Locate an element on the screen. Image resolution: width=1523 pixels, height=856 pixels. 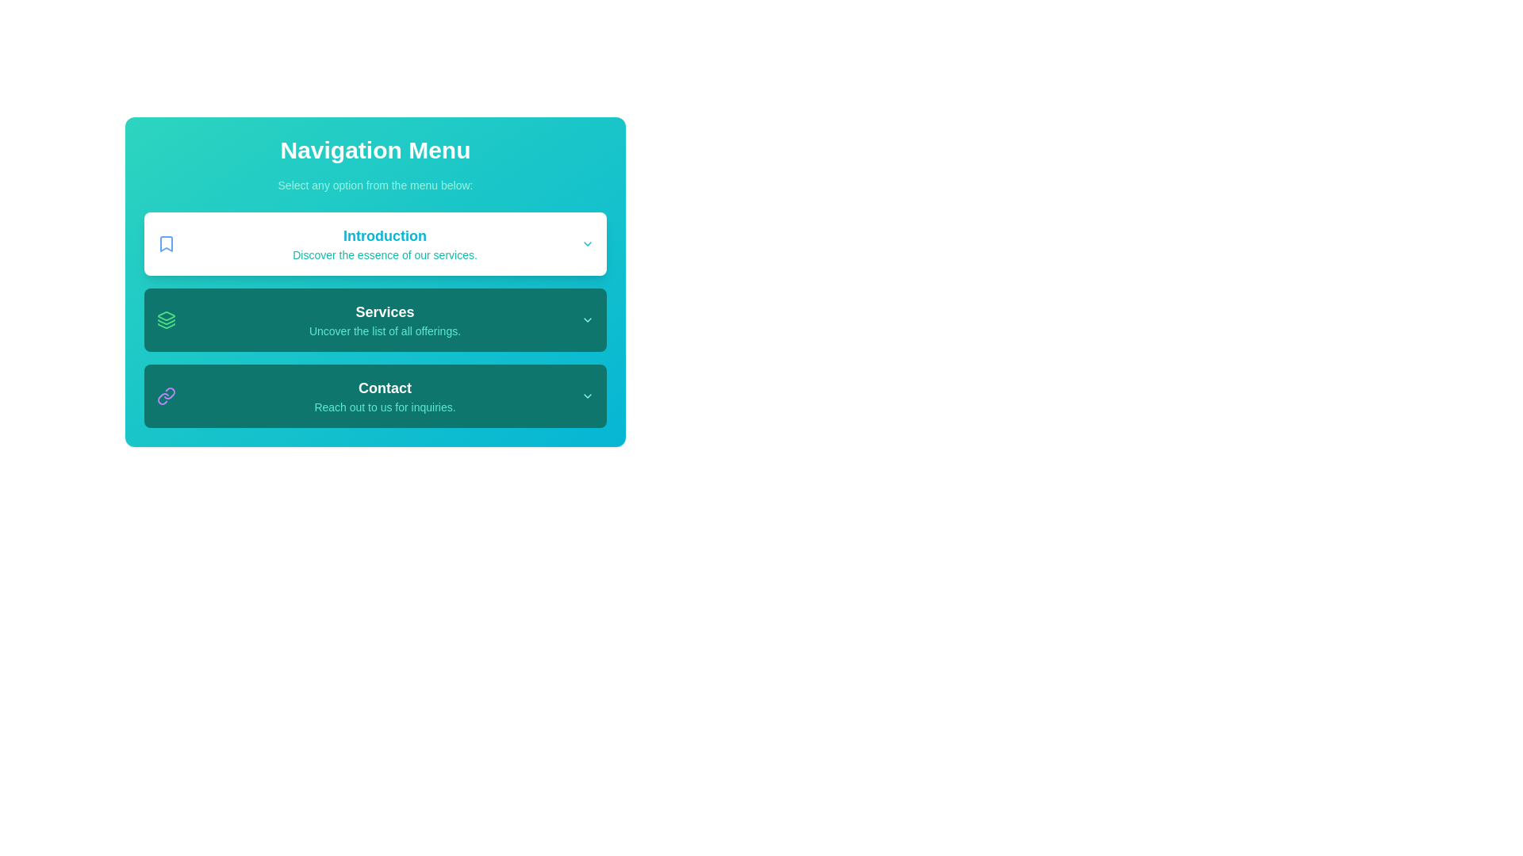
the downward-pointing chevron icon located on the far right side of the 'Contact' section in the menu, which has a teal hue against a darker teal background is located at coordinates (586, 396).